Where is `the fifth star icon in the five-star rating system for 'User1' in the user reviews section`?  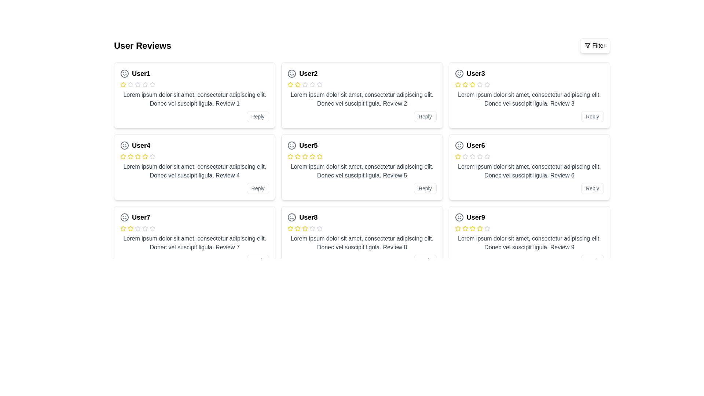
the fifth star icon in the five-star rating system for 'User1' in the user reviews section is located at coordinates (145, 84).